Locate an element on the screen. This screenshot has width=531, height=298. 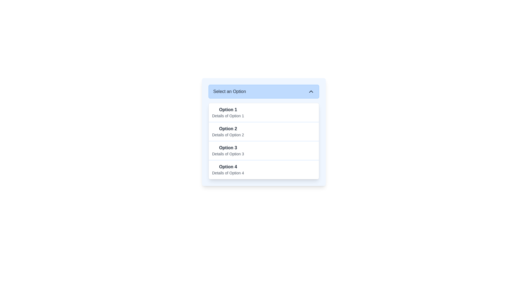
the text label displaying 'Option 2' in bold black font is located at coordinates (228, 129).